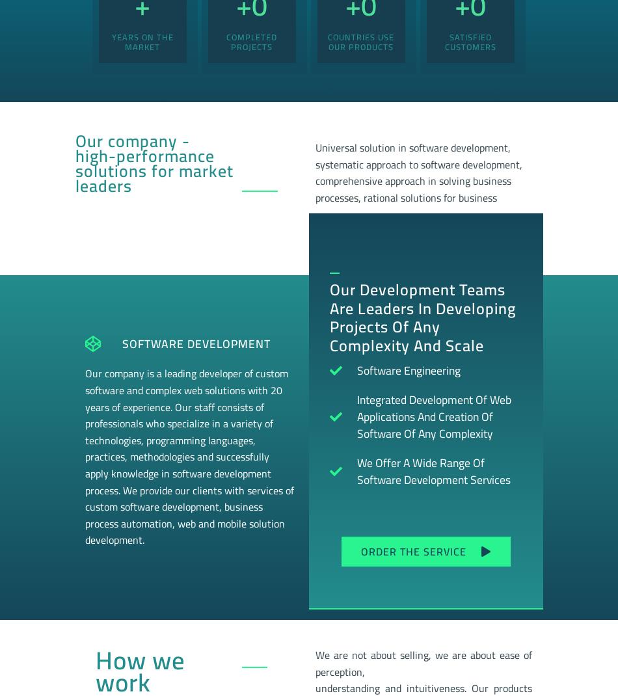  I want to click on 'countries use our products', so click(360, 40).